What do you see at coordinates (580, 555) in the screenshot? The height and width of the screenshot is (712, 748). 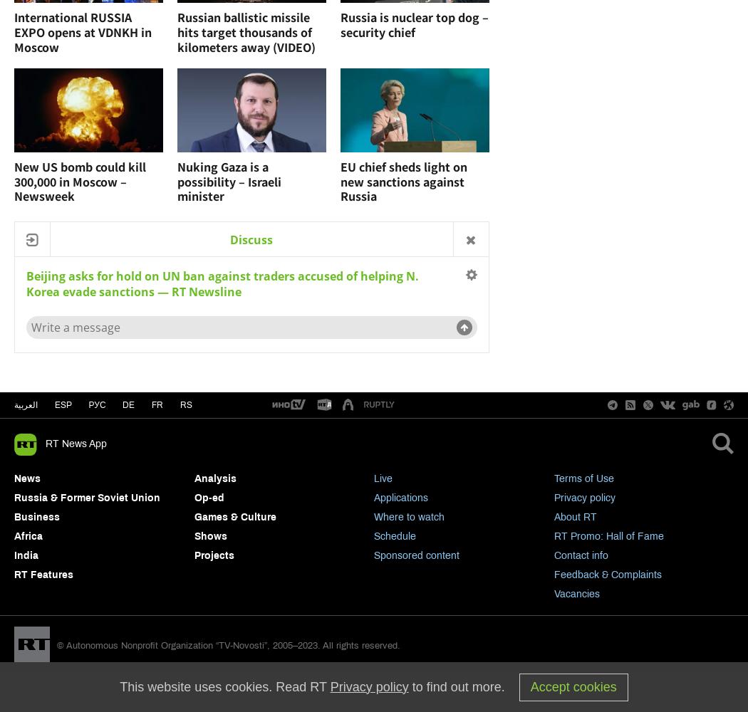 I see `'Contact info'` at bounding box center [580, 555].